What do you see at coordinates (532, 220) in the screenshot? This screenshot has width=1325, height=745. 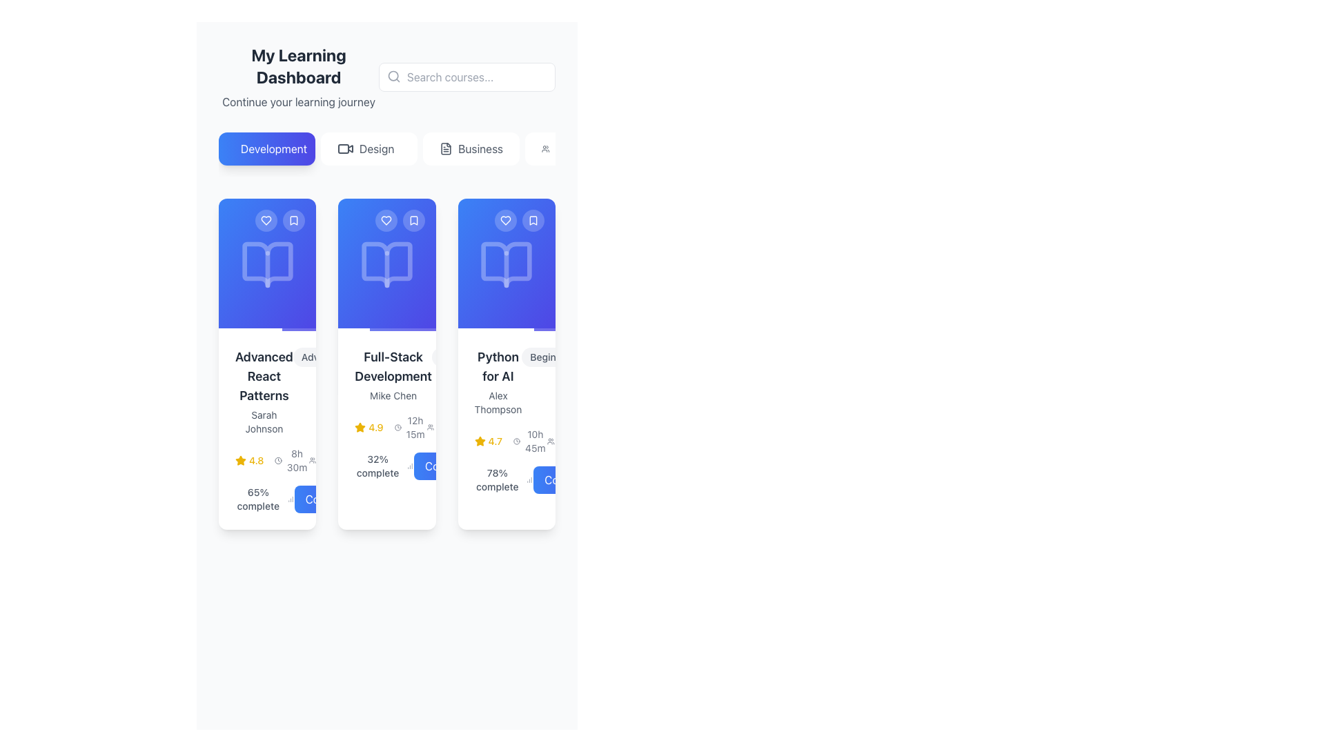 I see `the bookmark button located in the top-right corner of the third visible card` at bounding box center [532, 220].